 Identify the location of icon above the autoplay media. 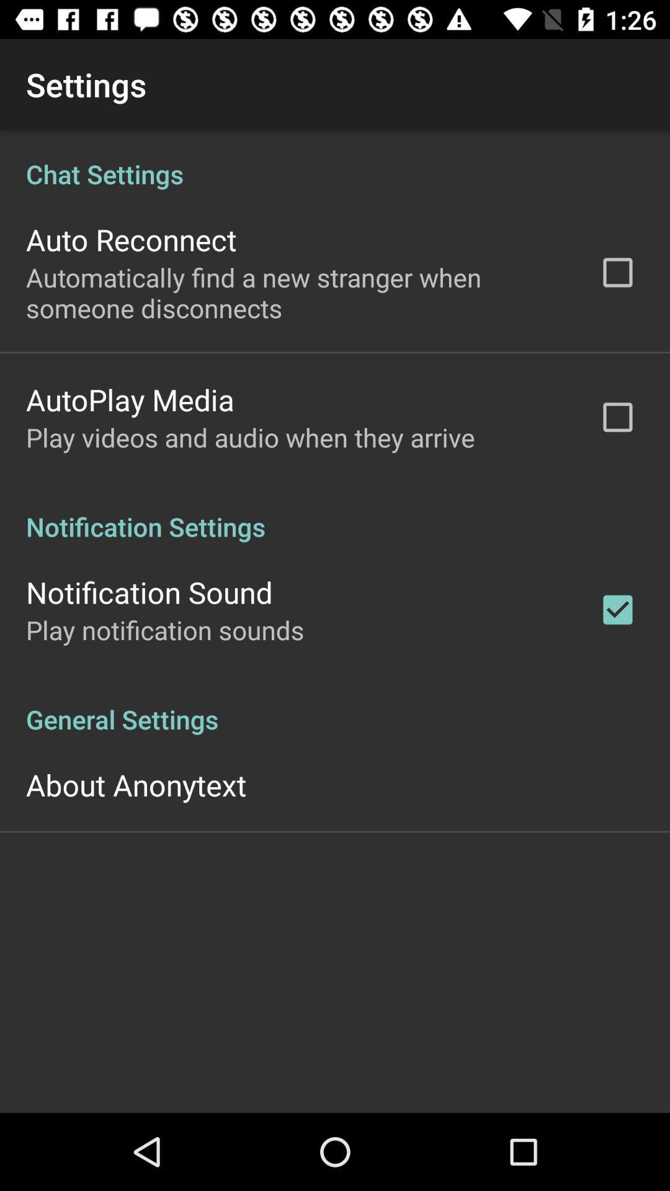
(296, 292).